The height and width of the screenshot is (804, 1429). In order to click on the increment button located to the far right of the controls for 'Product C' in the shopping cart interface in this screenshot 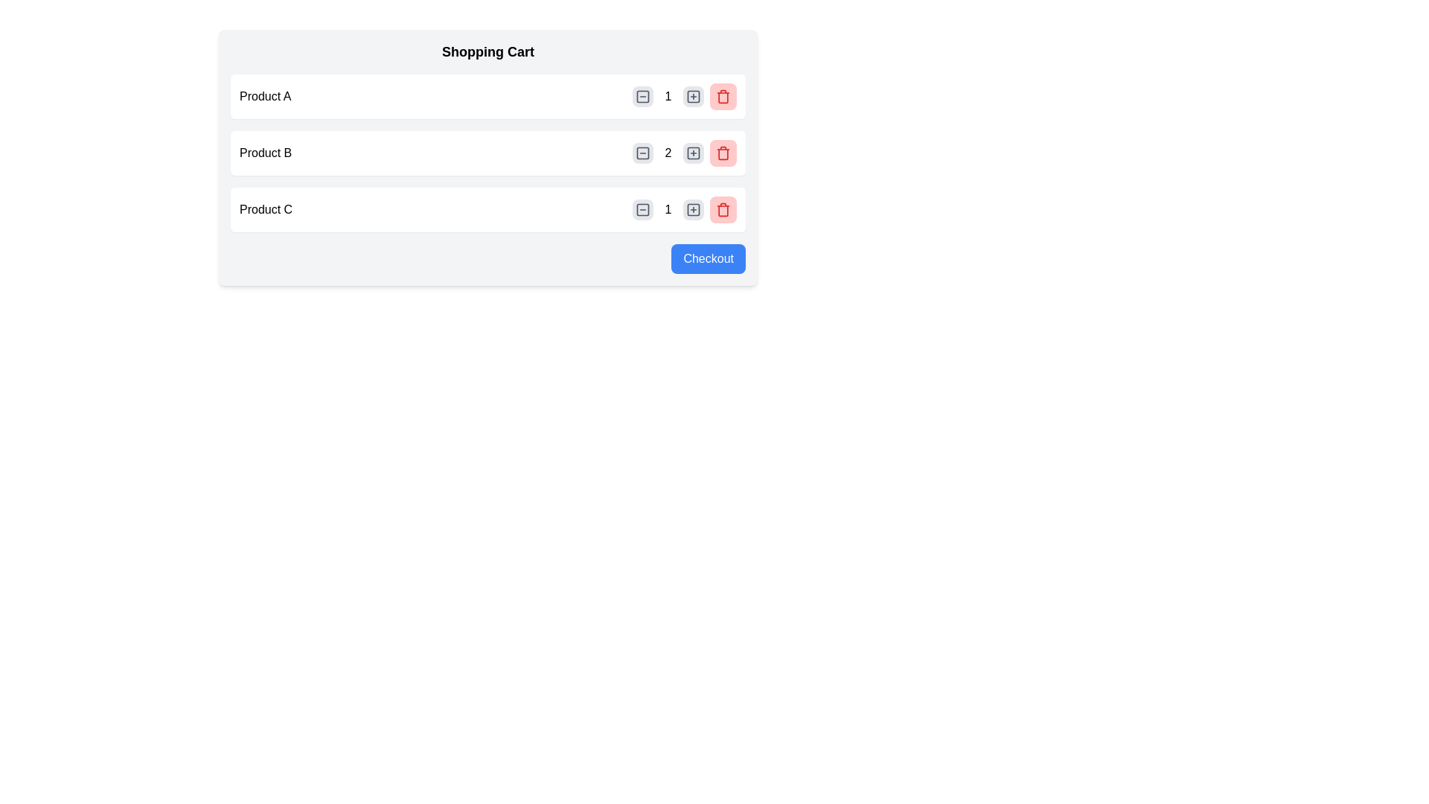, I will do `click(692, 209)`.